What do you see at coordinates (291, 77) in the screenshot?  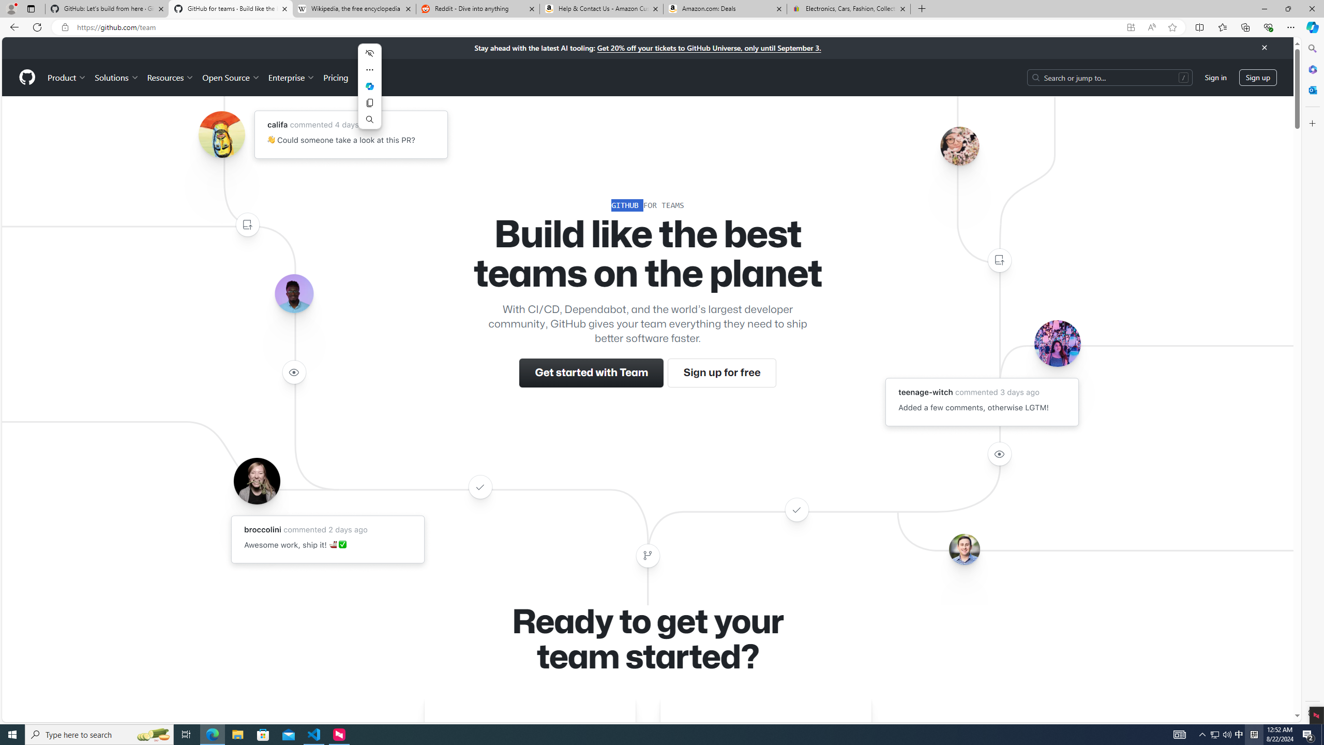 I see `'Enterprise'` at bounding box center [291, 77].